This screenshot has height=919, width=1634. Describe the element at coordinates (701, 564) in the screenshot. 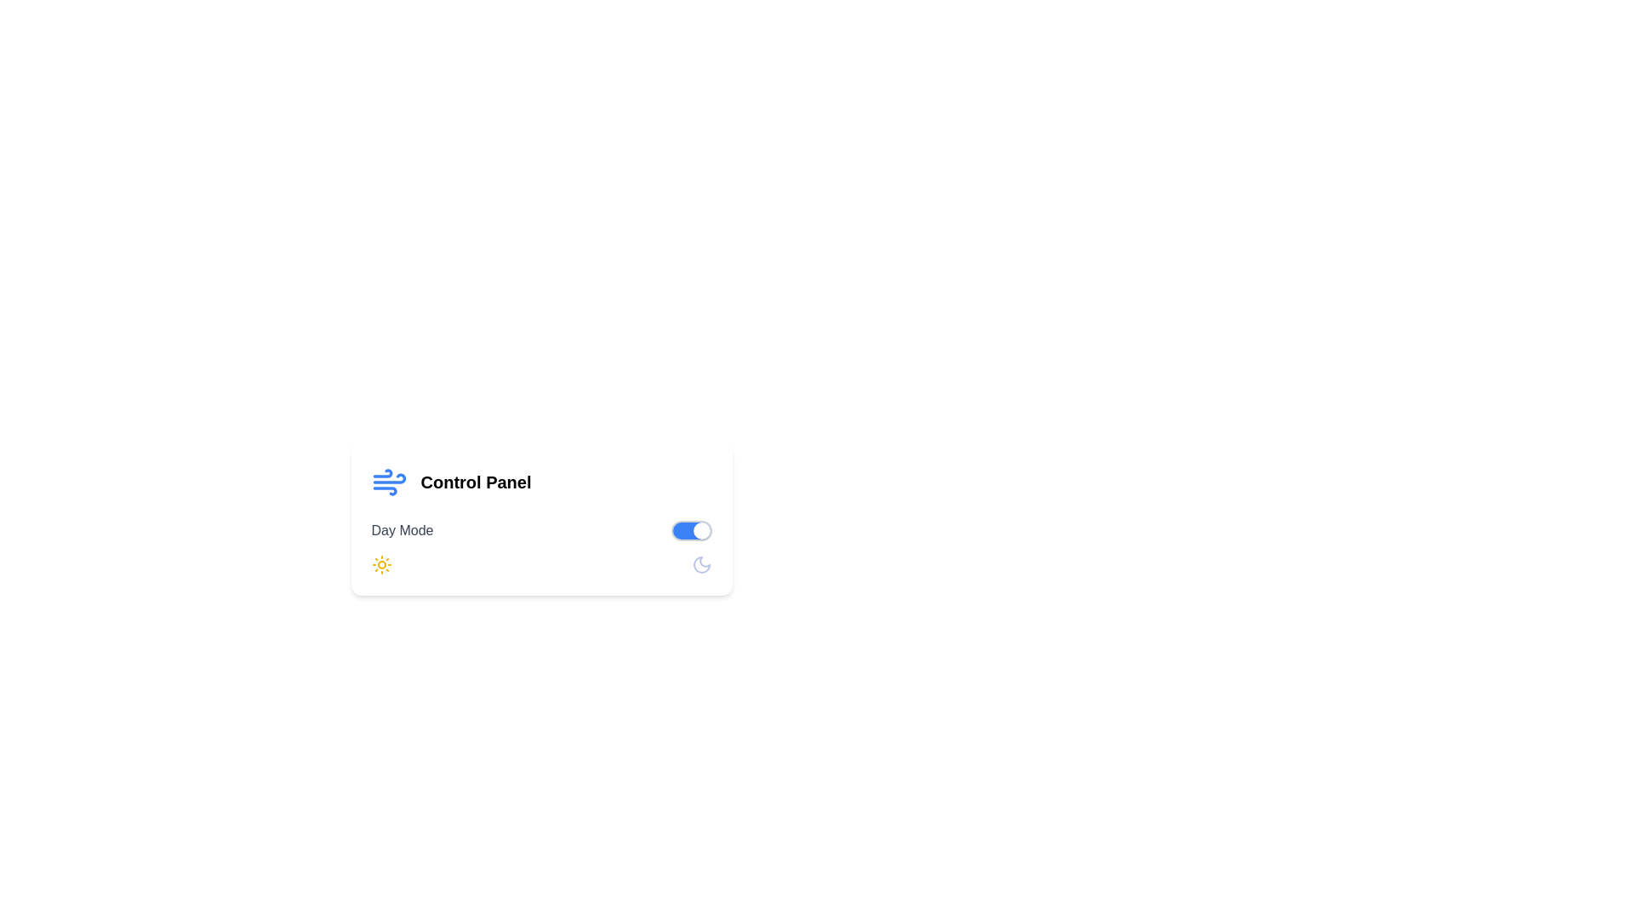

I see `the crescent moon-shaped icon with a light blue color located in the 'Control Panel' card near the bottom right corner, visually grouped with the 'Day Mode' text and the sun icon` at that location.